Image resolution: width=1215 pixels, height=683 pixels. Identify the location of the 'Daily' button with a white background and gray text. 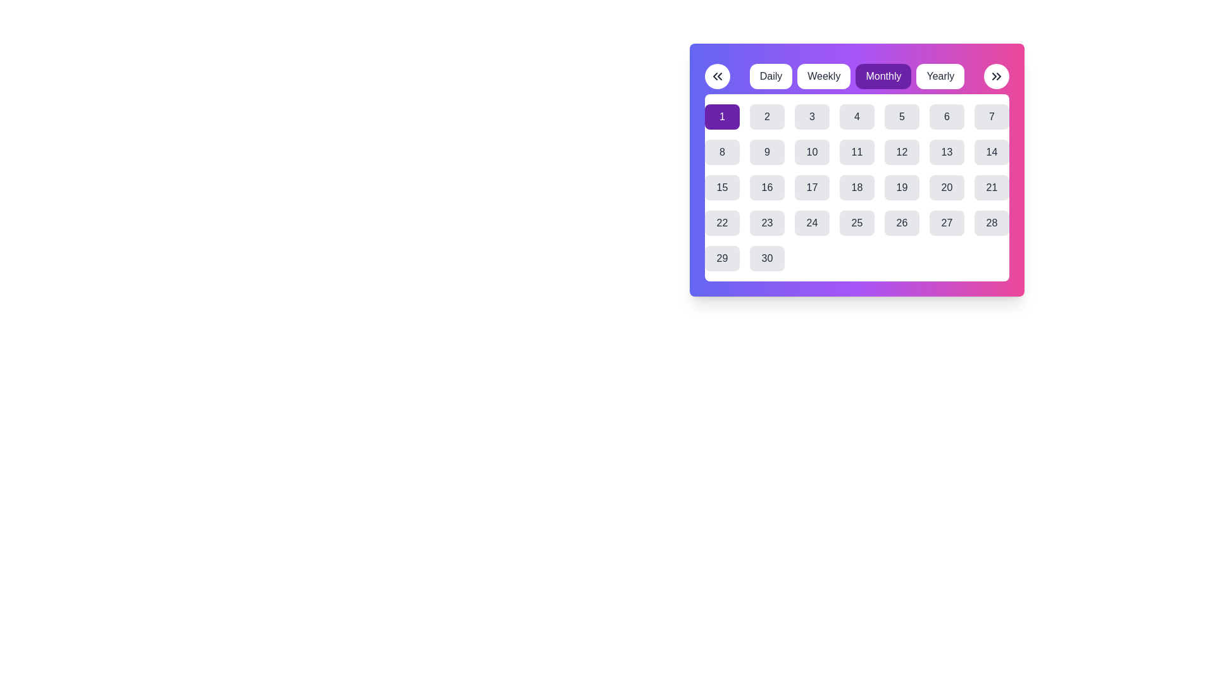
(770, 76).